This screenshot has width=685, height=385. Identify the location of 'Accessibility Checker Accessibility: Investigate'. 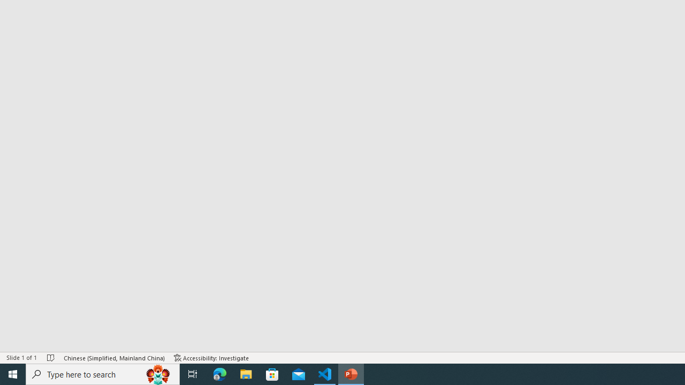
(211, 358).